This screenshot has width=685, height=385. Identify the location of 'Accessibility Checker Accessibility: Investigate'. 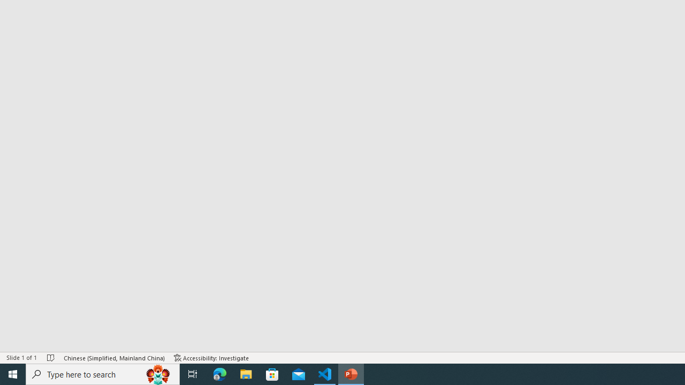
(211, 358).